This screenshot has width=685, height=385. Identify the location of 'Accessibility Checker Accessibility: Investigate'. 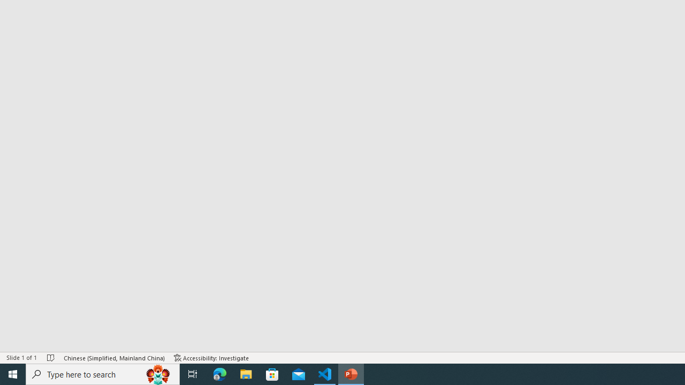
(211, 358).